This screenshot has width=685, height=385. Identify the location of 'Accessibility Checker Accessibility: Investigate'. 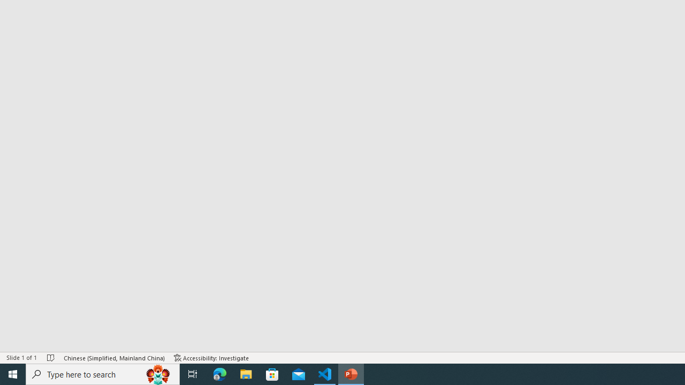
(211, 358).